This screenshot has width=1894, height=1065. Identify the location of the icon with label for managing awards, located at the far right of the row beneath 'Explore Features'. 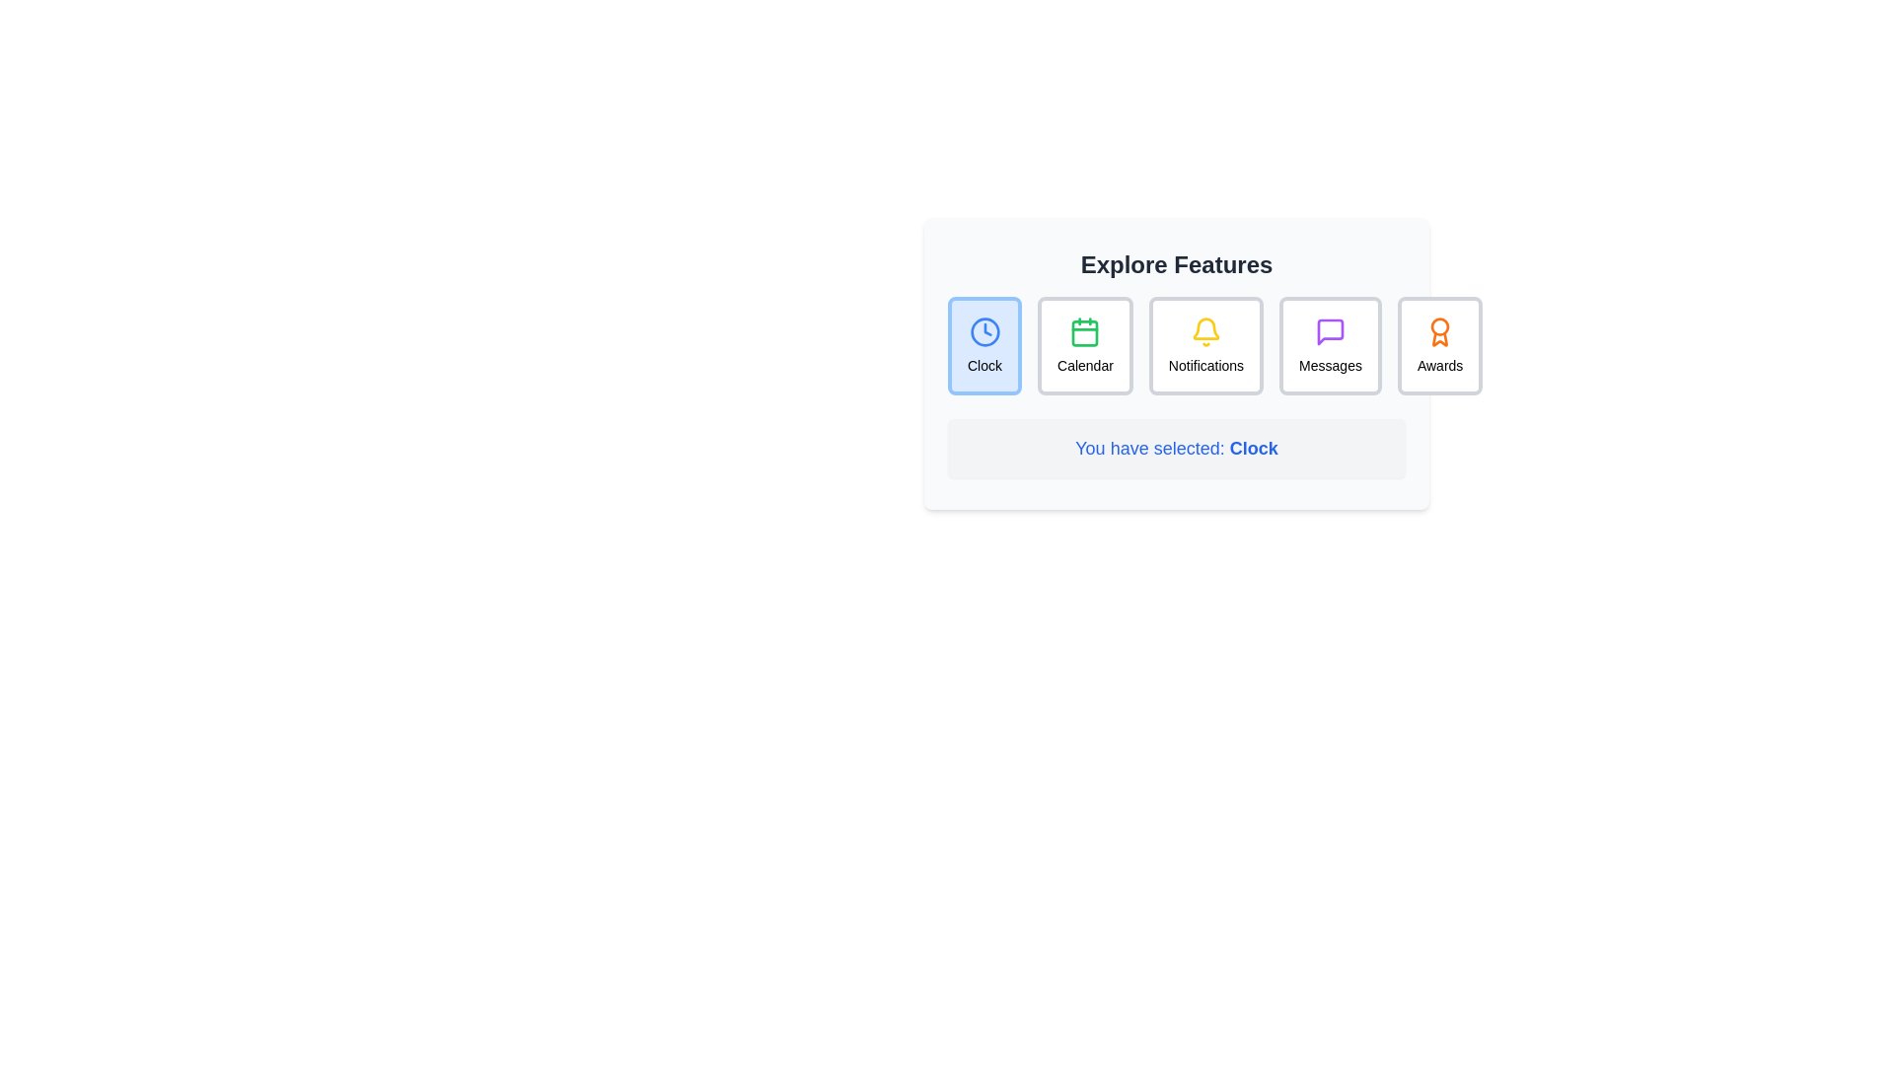
(1440, 345).